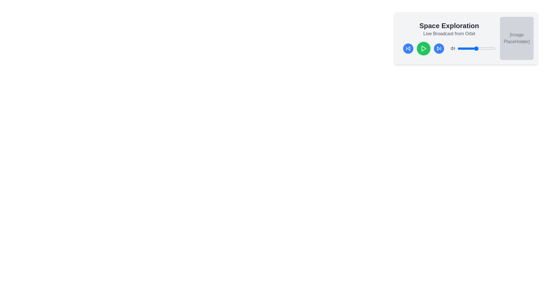 This screenshot has width=547, height=307. I want to click on the rightward-pointing triangular icon button with a blue background and white color, located to the right of the green circular play button in the media control interface, so click(438, 48).